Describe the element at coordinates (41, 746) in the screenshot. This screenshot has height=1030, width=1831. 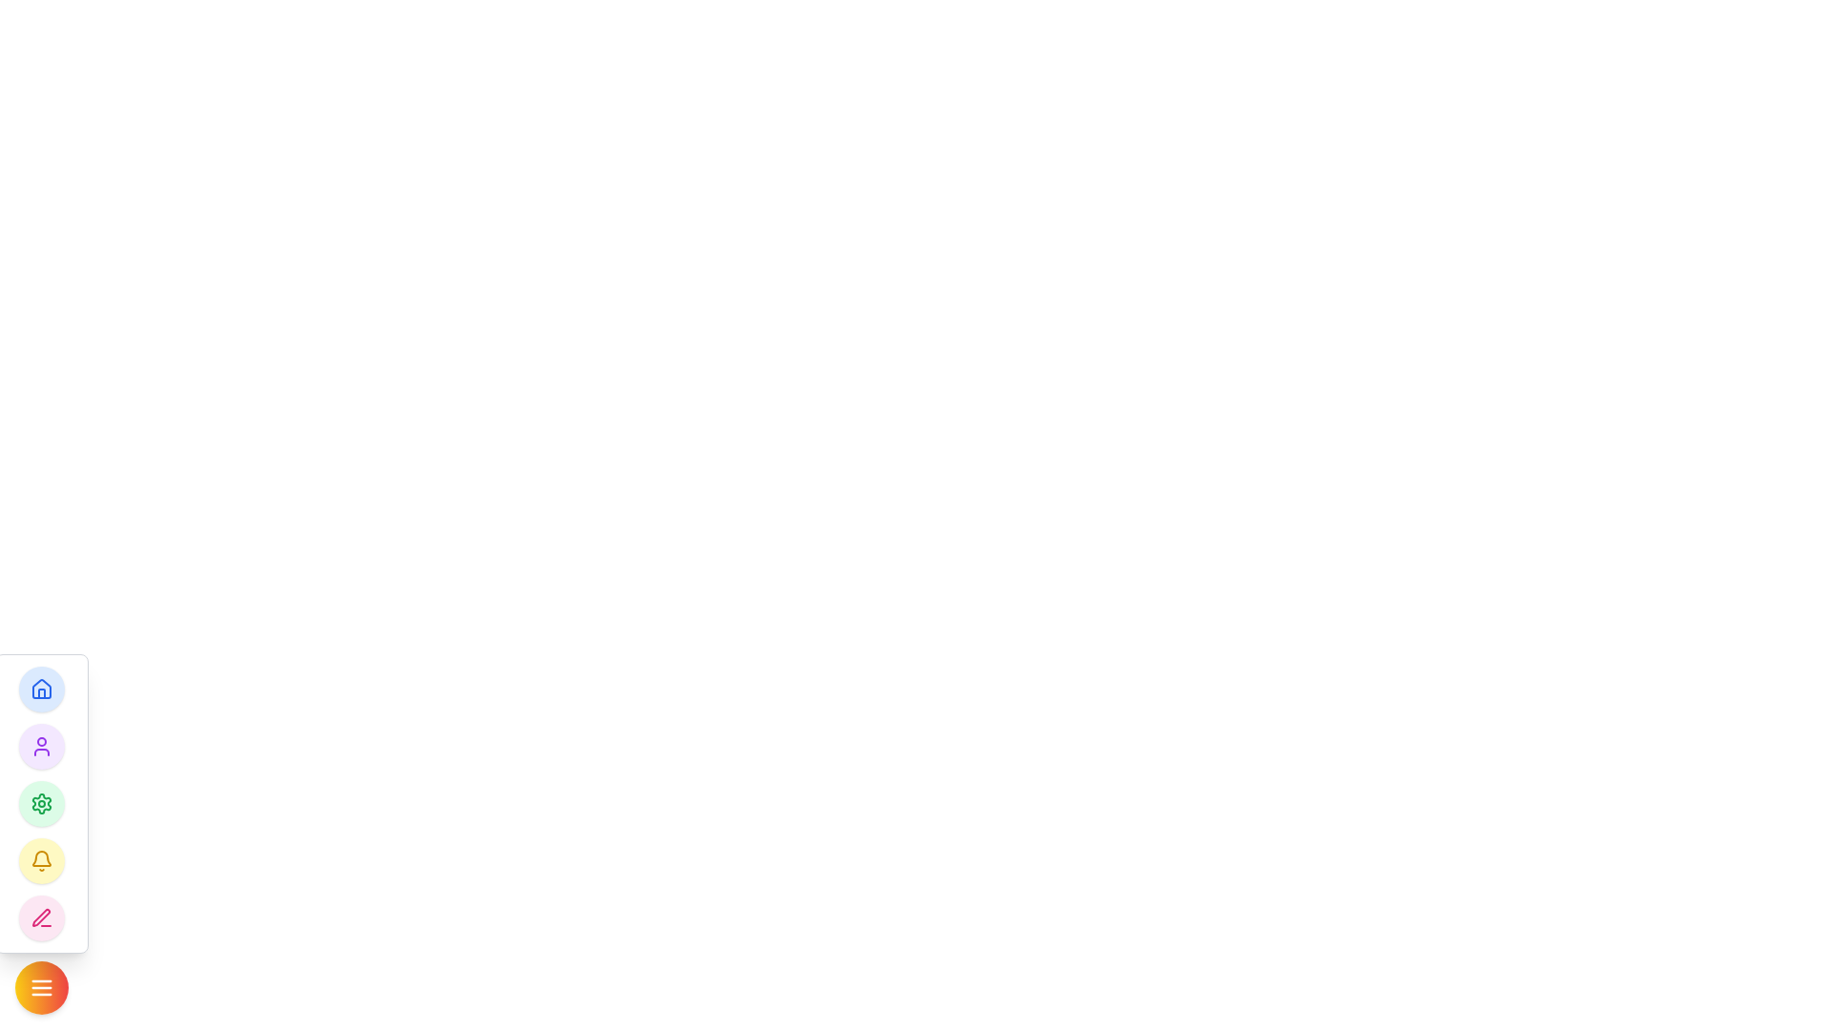
I see `the user's silhouette icon, which is styled in purple and enclosed within a circular context` at that location.